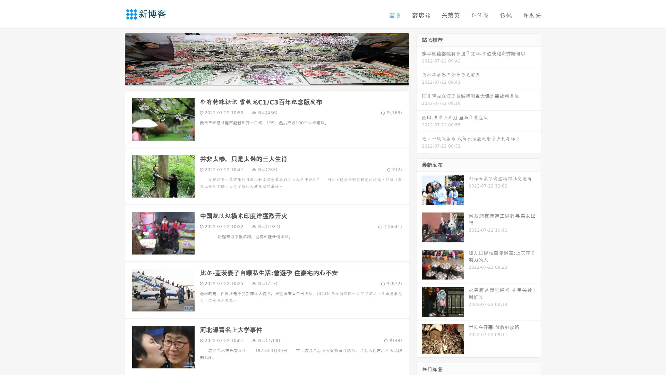  Describe the element at coordinates (419, 58) in the screenshot. I see `Next slide` at that location.